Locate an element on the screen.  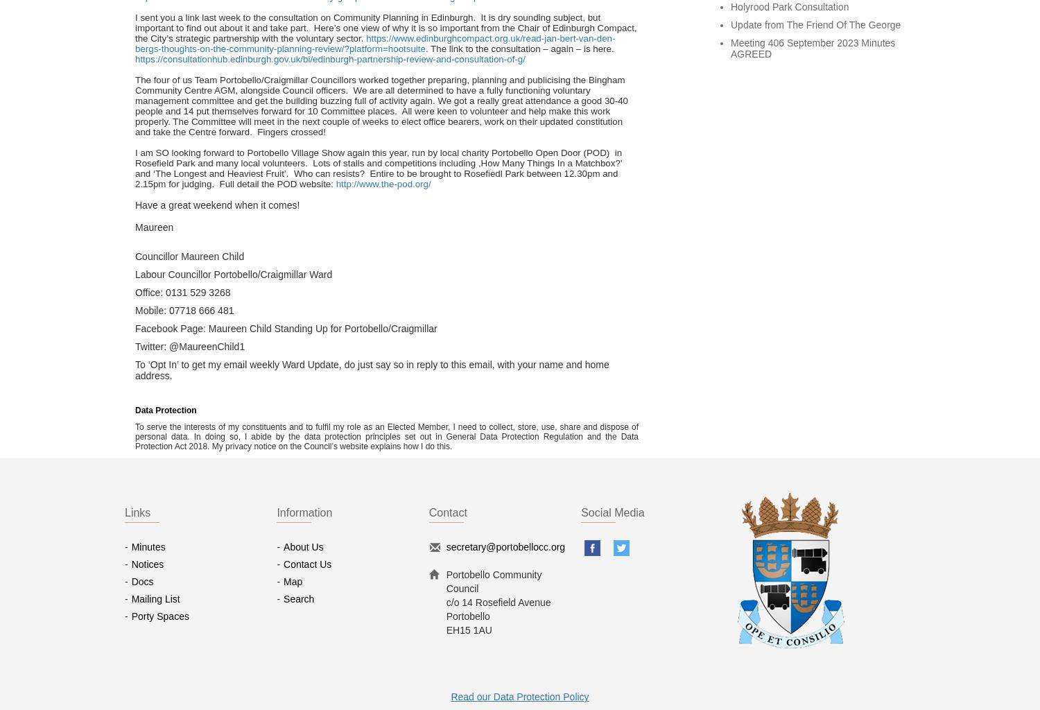
'Docs' is located at coordinates (141, 580).